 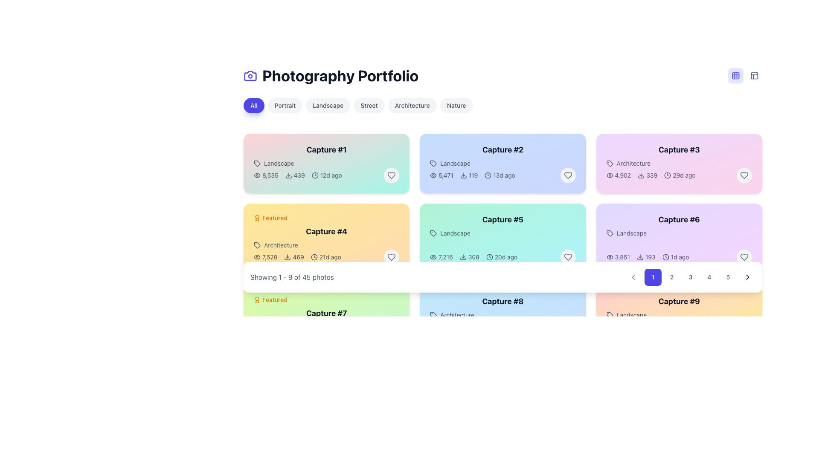 I want to click on the date/time icon located in the bottom-right corner of the 'Capture #6' card, adjacent to the text '1d ago', so click(x=665, y=257).